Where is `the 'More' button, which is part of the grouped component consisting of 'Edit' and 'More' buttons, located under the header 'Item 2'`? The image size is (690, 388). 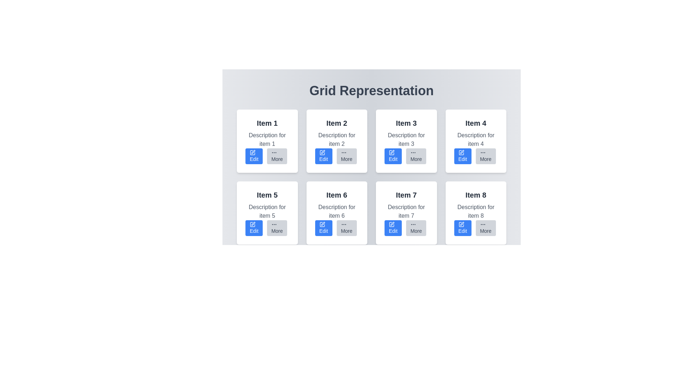 the 'More' button, which is part of the grouped component consisting of 'Edit' and 'More' buttons, located under the header 'Item 2' is located at coordinates (336, 156).